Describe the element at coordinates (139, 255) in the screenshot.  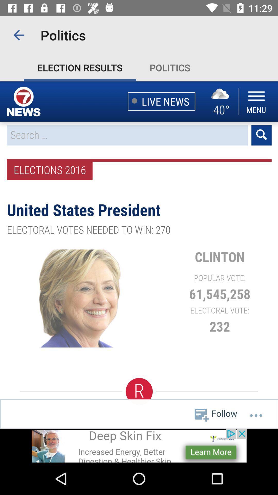
I see `7 news election results` at that location.